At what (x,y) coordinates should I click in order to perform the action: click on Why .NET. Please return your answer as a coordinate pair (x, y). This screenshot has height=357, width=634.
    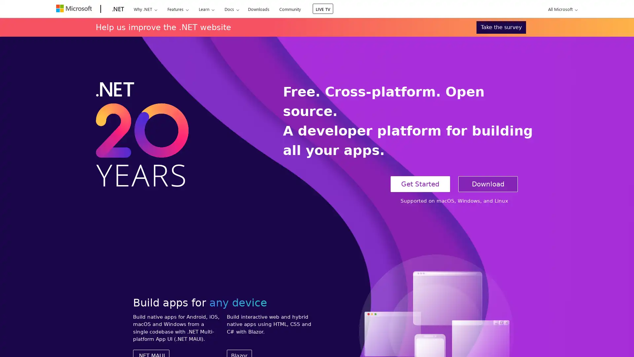
    Looking at the image, I should click on (145, 9).